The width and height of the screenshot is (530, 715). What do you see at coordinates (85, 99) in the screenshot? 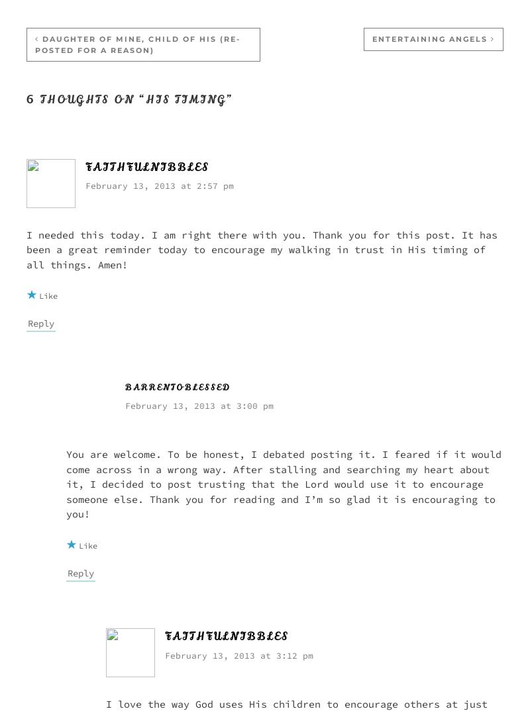
I see `'6 thoughts on “'` at bounding box center [85, 99].